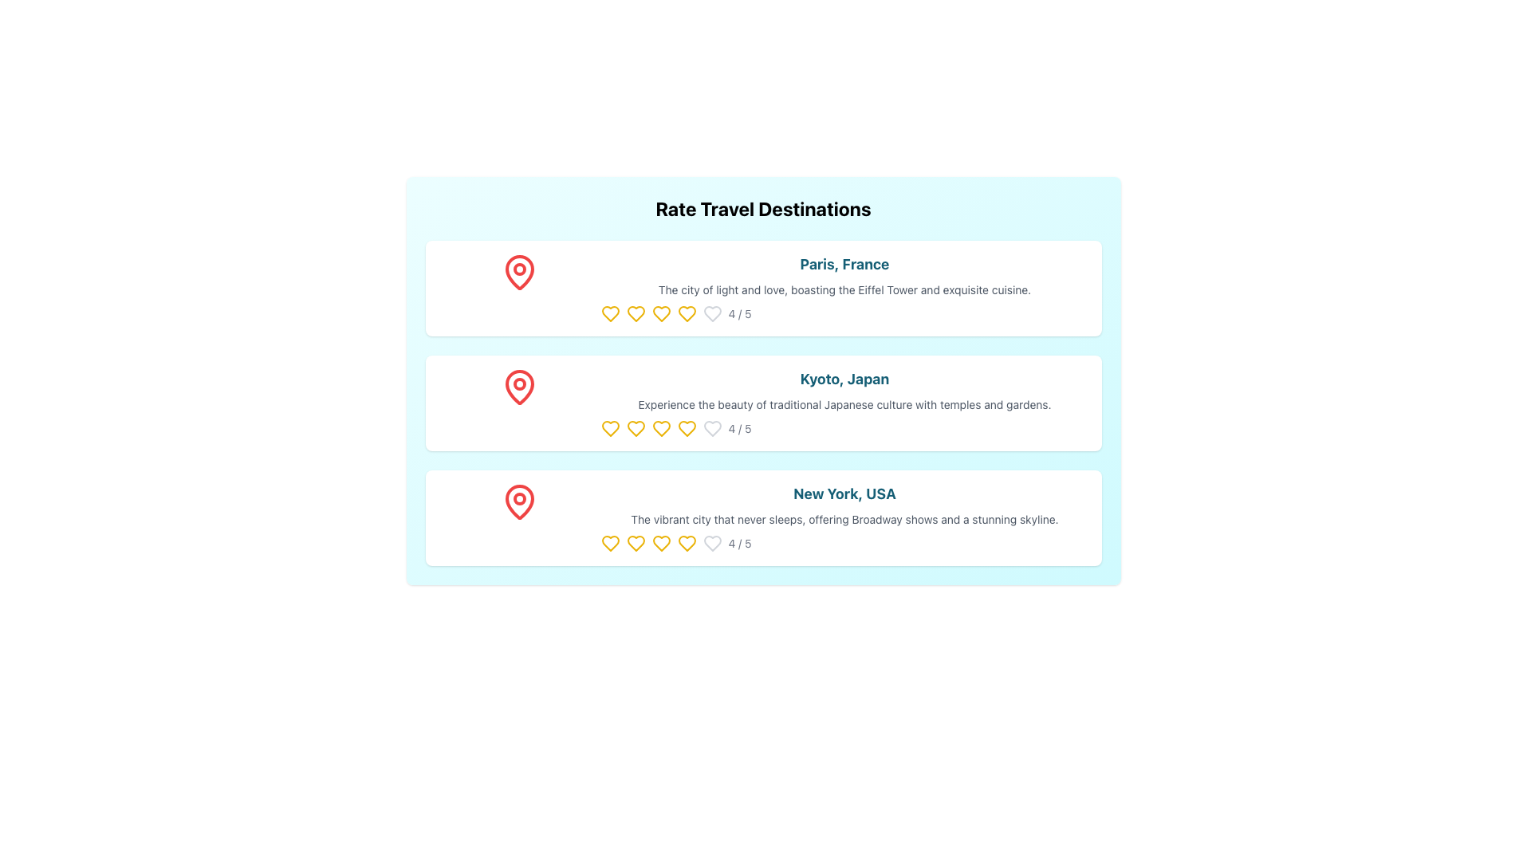 Image resolution: width=1531 pixels, height=861 pixels. What do you see at coordinates (844, 263) in the screenshot?
I see `text content of the header or title element located at the top of the first travel destination card` at bounding box center [844, 263].